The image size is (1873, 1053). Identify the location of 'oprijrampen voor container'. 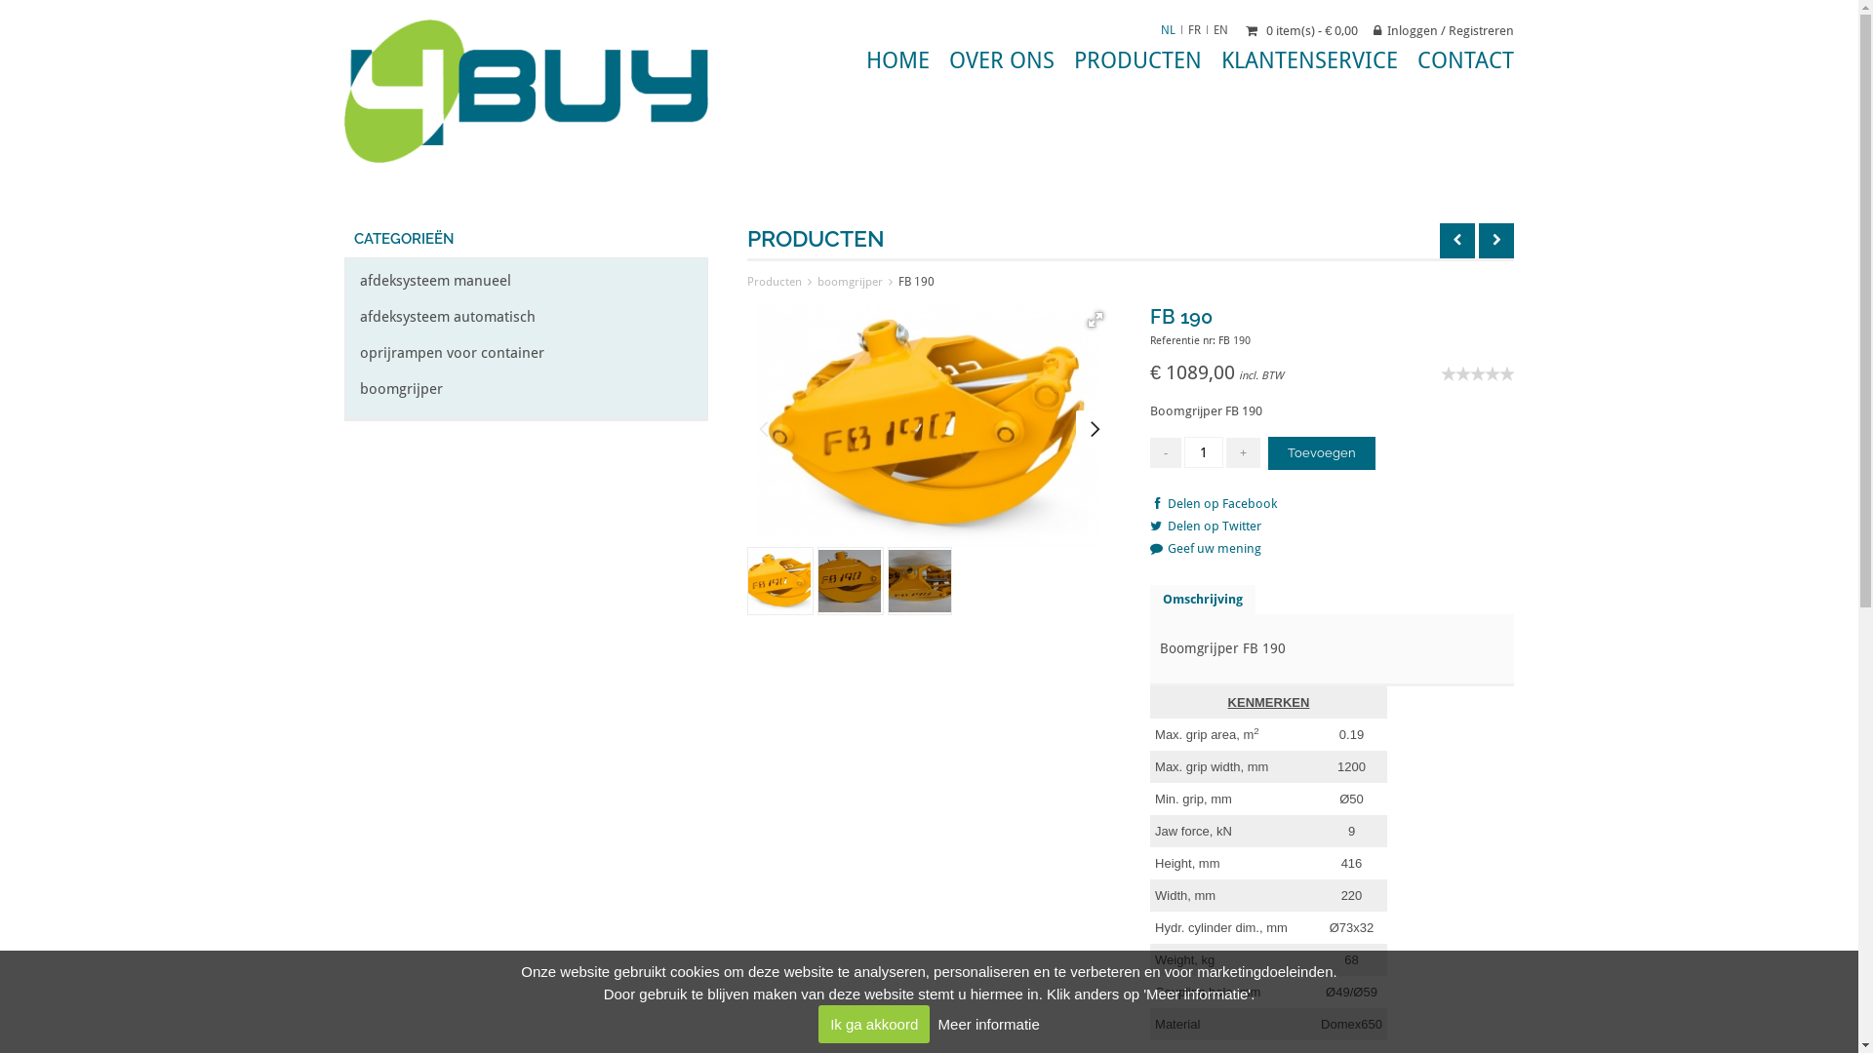
(452, 356).